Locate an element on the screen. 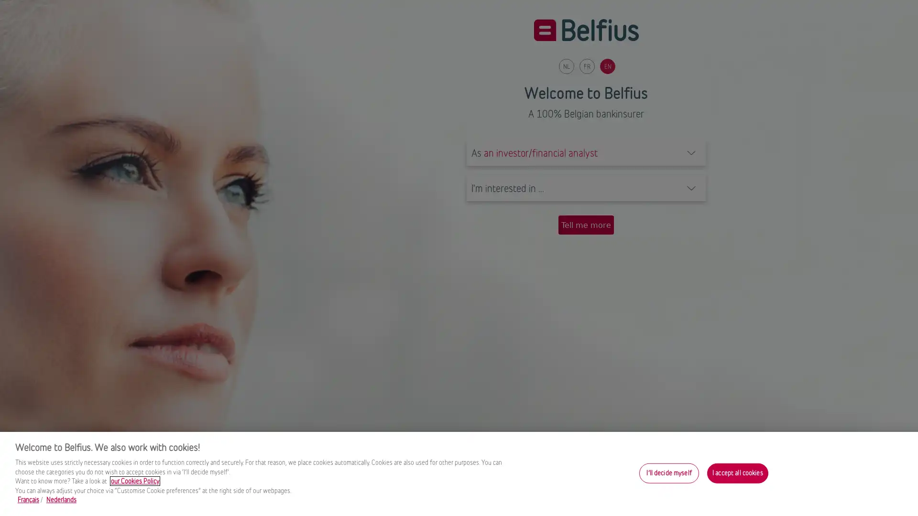 Image resolution: width=918 pixels, height=516 pixels. Ill decide myself is located at coordinates (668, 473).